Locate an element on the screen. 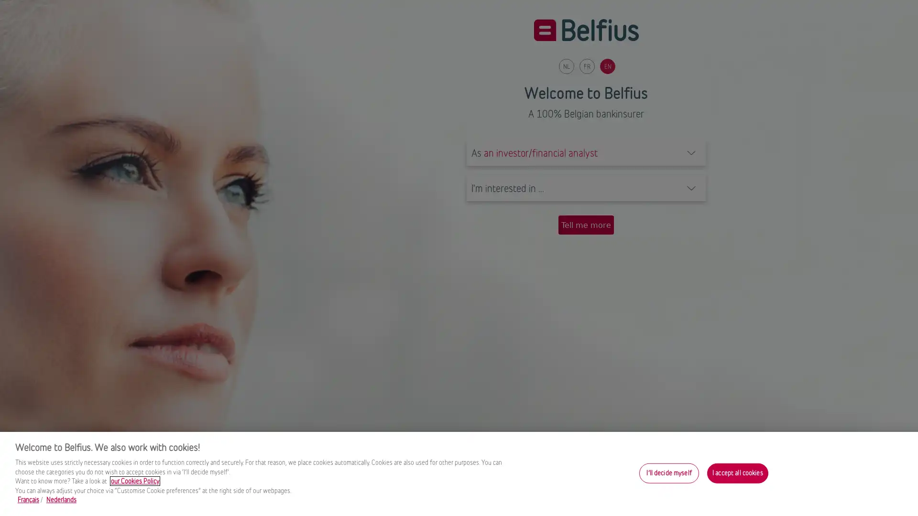 Image resolution: width=918 pixels, height=516 pixels. Ill decide myself is located at coordinates (668, 473).